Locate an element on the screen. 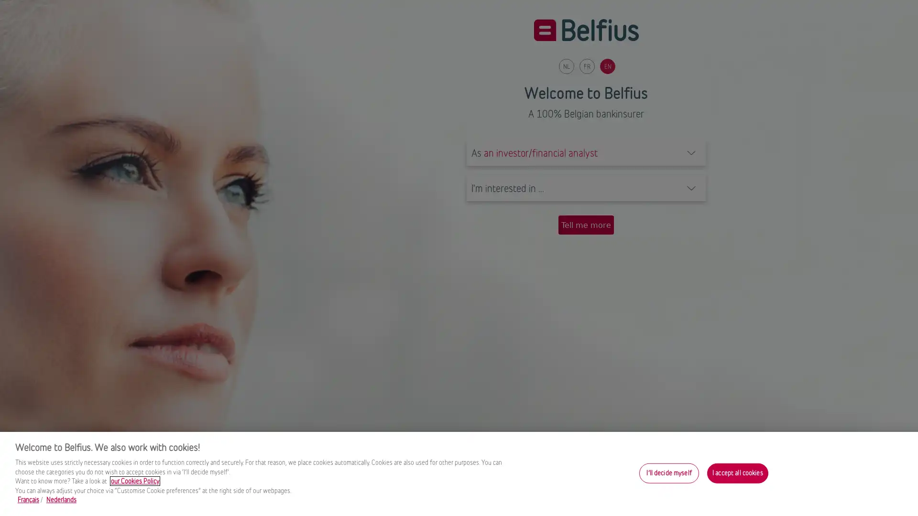 Image resolution: width=918 pixels, height=516 pixels. Ill decide myself is located at coordinates (668, 473).